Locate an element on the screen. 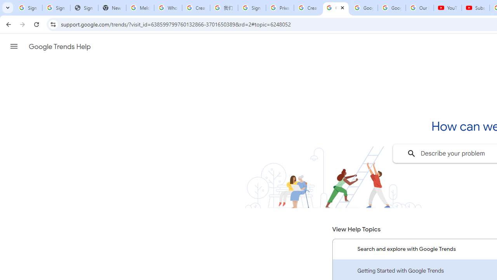 The width and height of the screenshot is (497, 280). 'To search' is located at coordinates (411, 153).